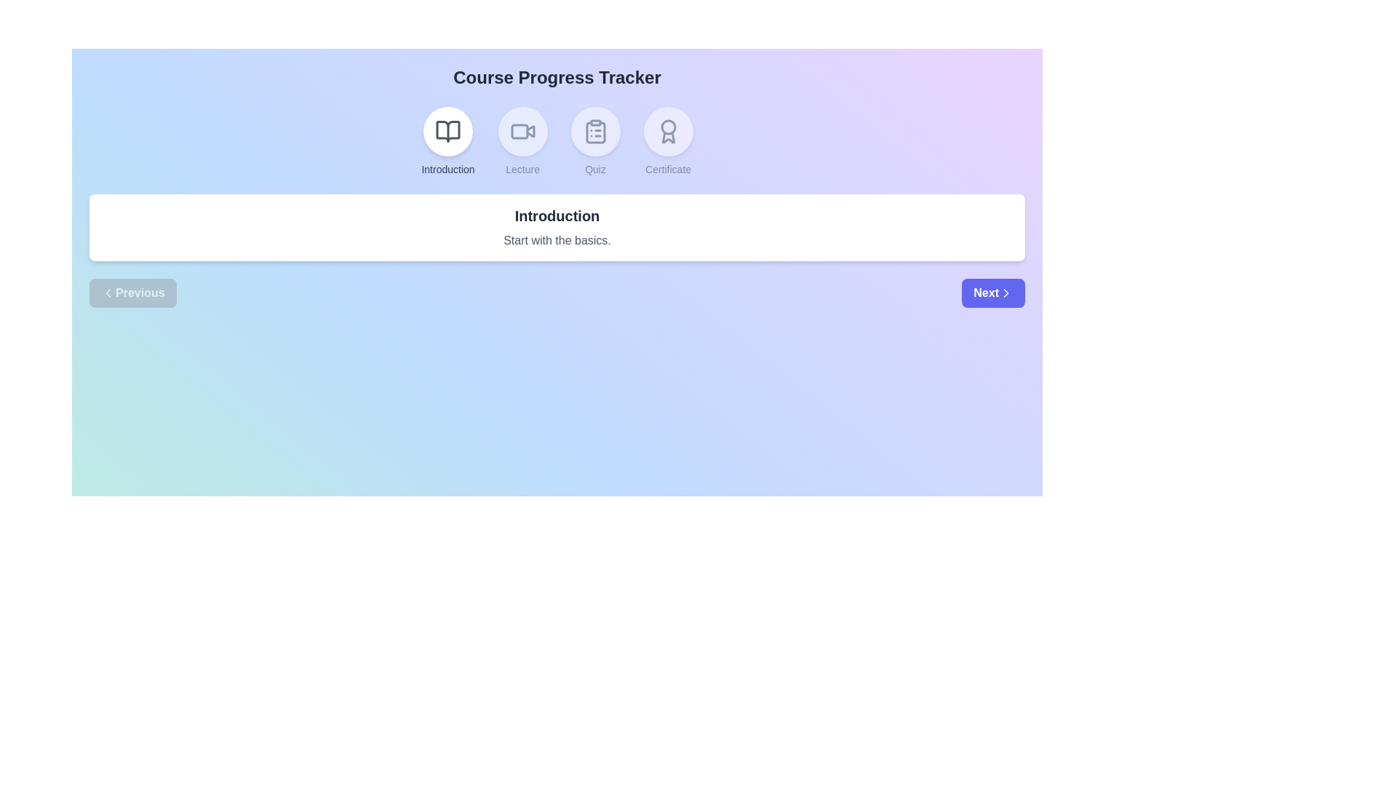  I want to click on the 'Next' button to navigate to the next step, so click(992, 293).